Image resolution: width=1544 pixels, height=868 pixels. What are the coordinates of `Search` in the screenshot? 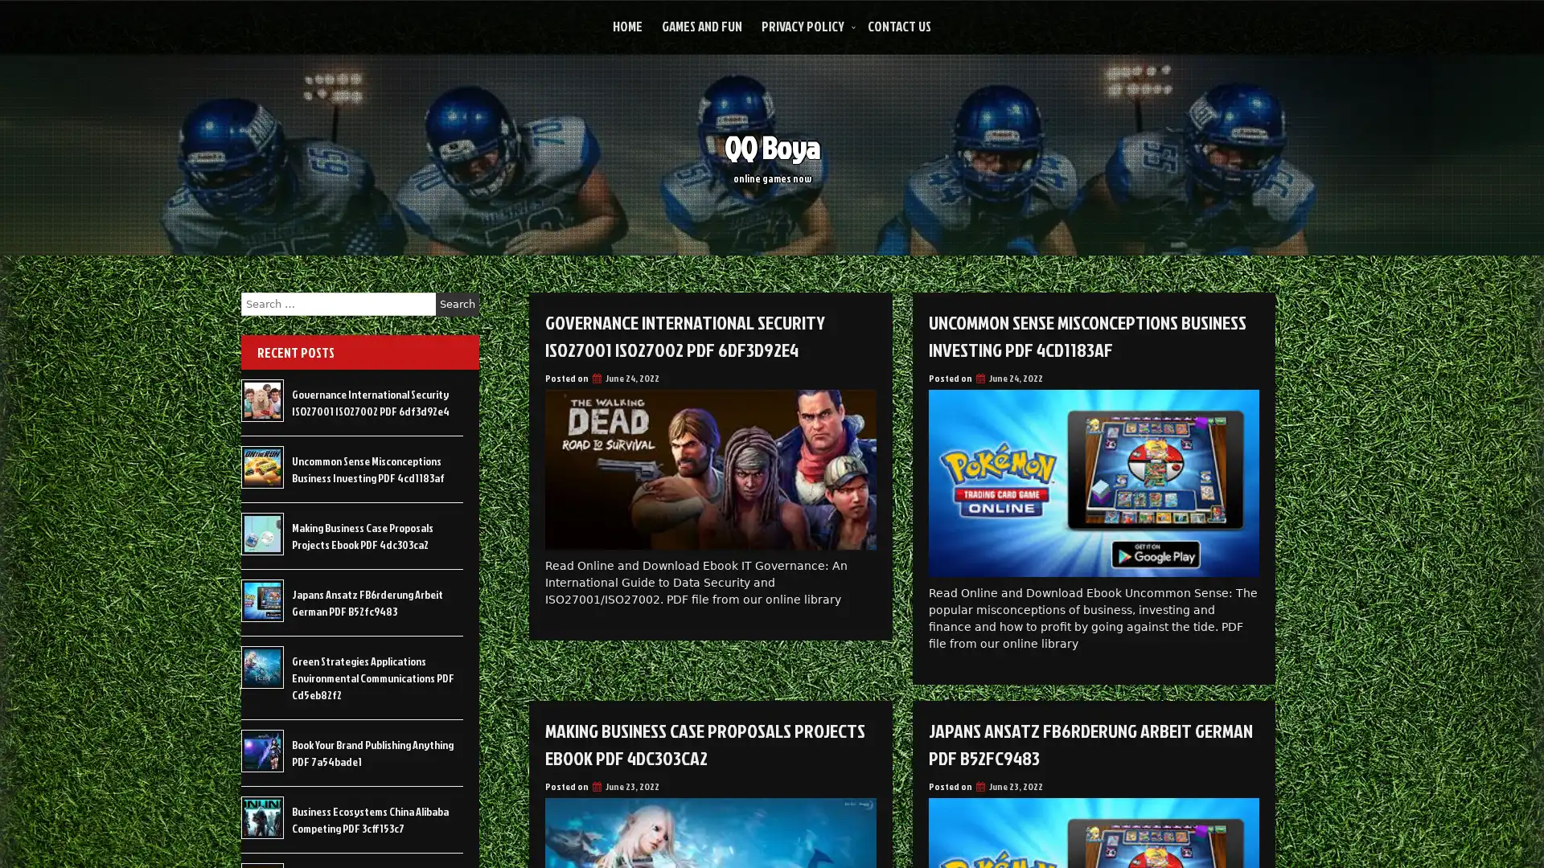 It's located at (457, 304).